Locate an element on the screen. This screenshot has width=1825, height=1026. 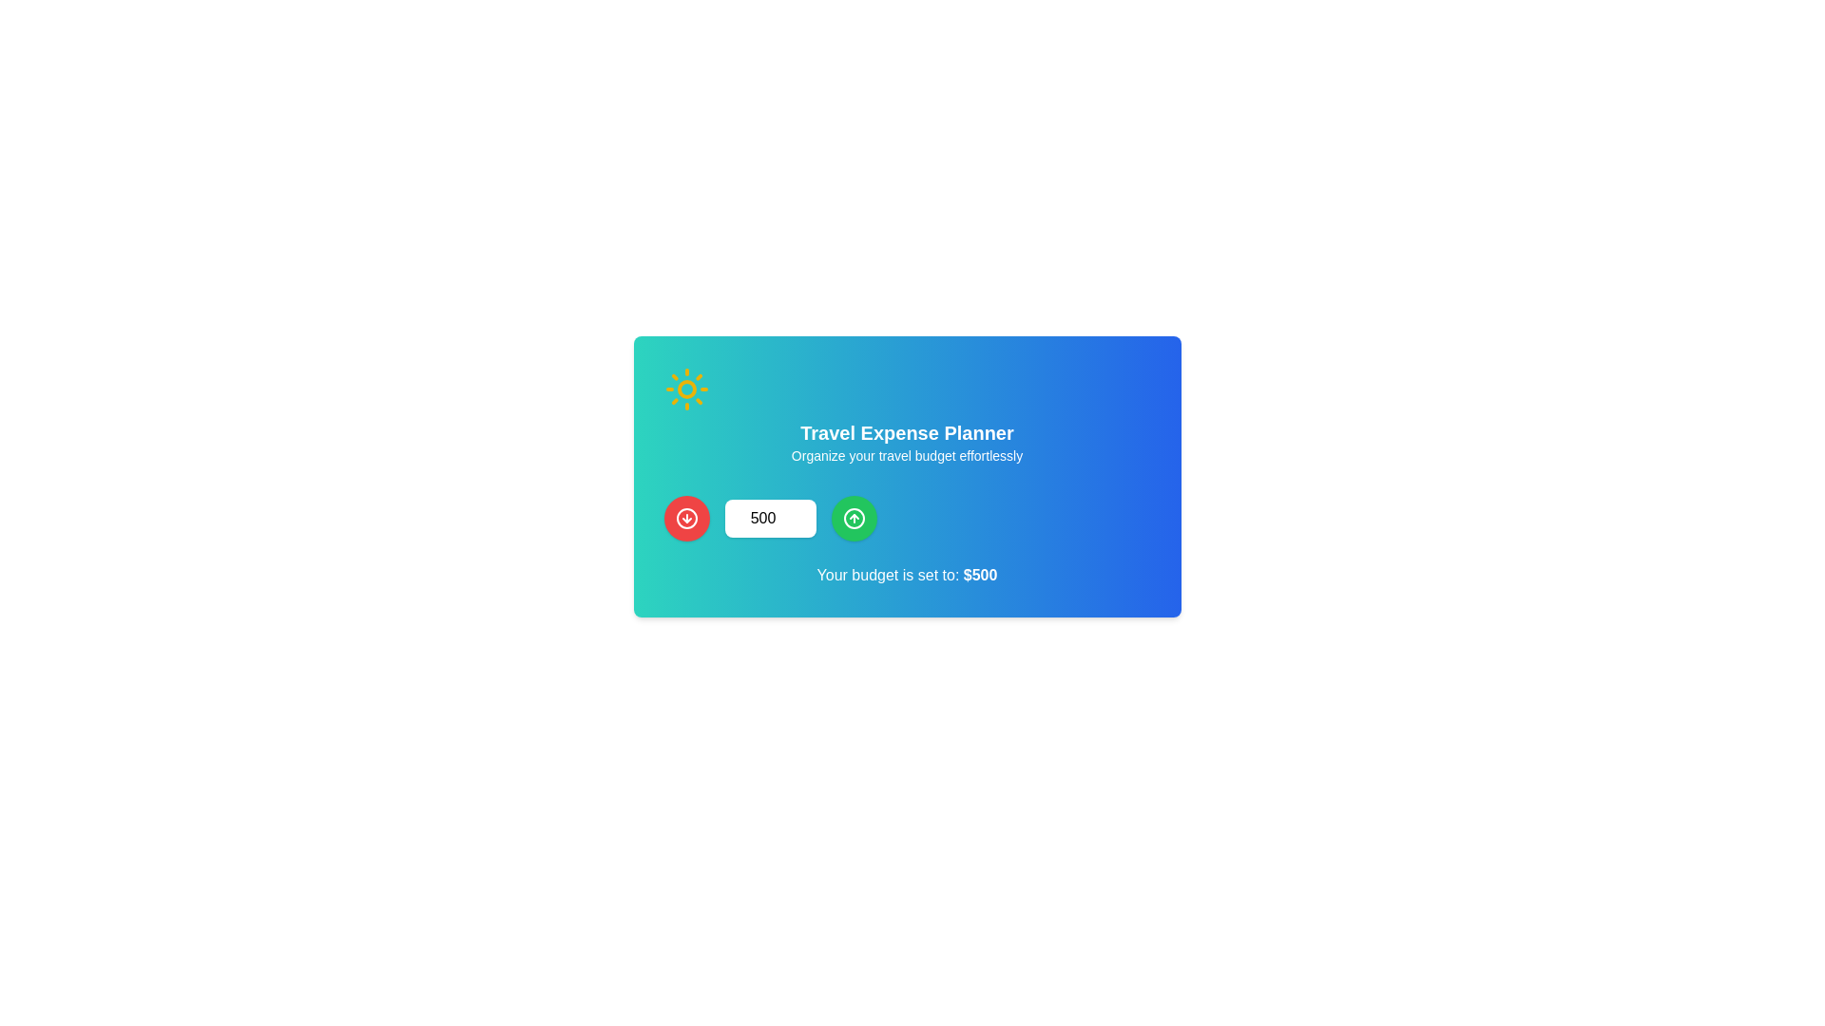
the number input field displaying '500' to focus it is located at coordinates (770, 519).